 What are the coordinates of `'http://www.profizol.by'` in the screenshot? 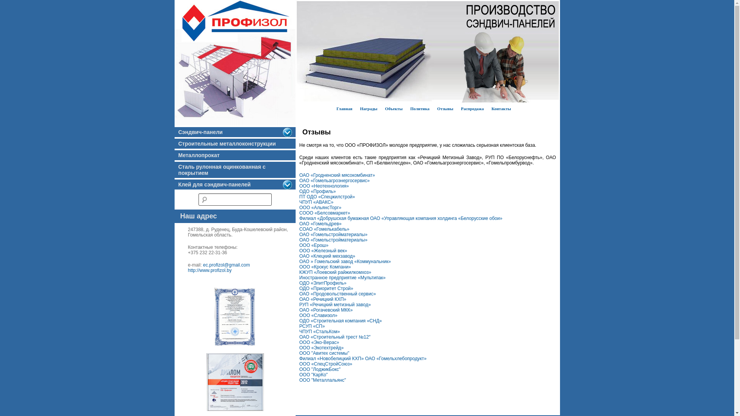 It's located at (210, 270).